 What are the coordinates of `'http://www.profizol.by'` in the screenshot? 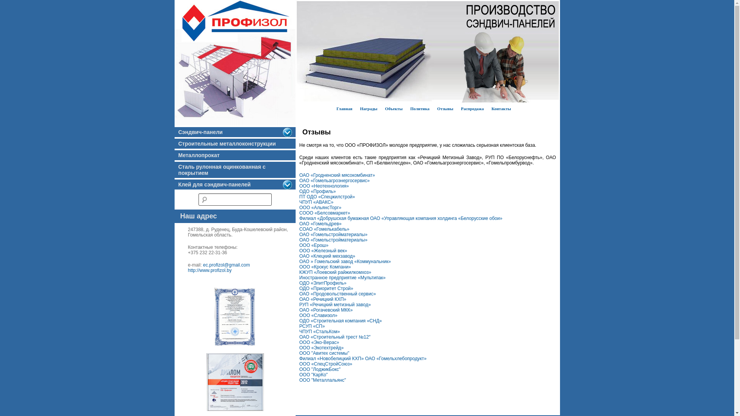 It's located at (210, 270).